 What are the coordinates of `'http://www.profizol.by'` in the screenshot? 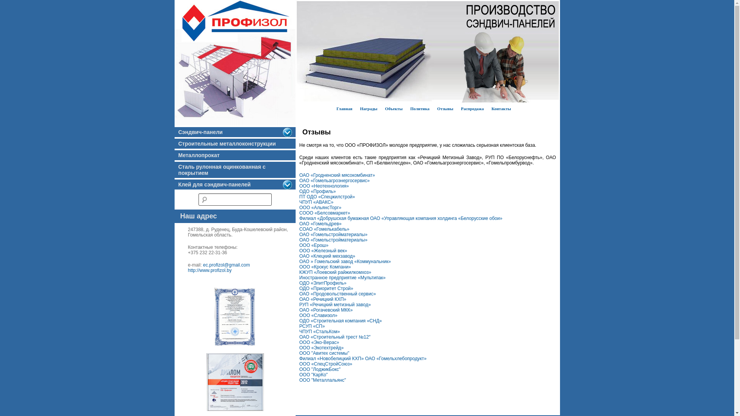 It's located at (210, 270).